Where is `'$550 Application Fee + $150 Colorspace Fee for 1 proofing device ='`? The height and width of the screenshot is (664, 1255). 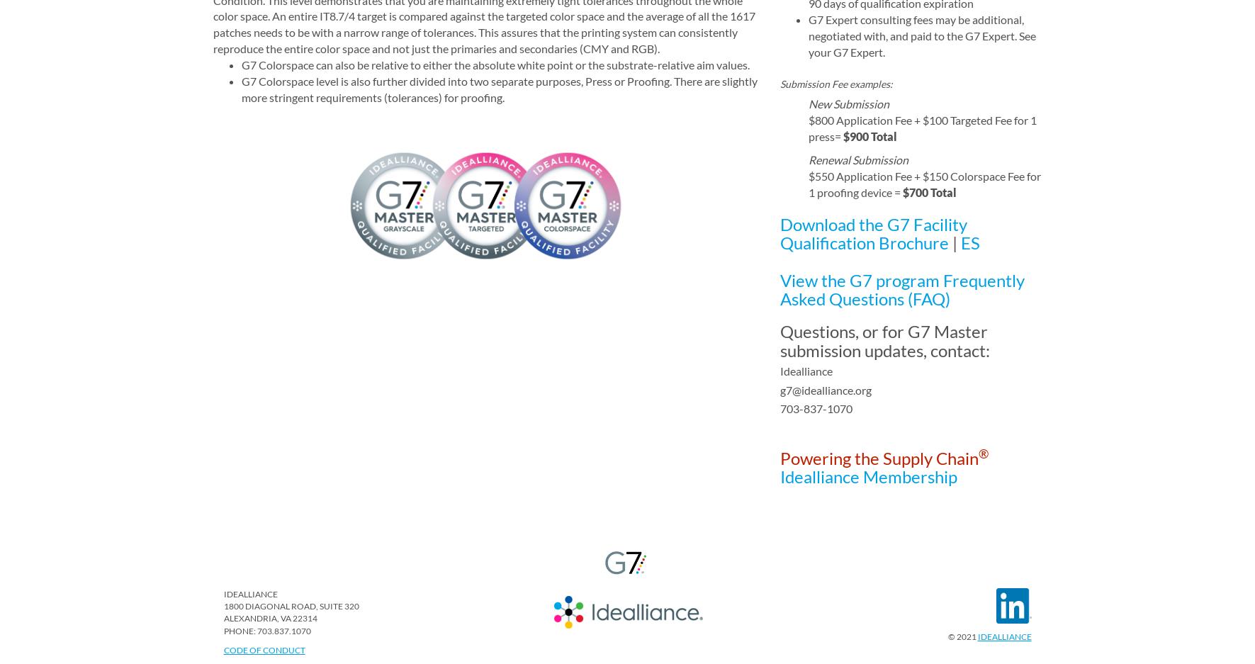
'$550 Application Fee + $150 Colorspace Fee for 1 proofing device =' is located at coordinates (923, 183).